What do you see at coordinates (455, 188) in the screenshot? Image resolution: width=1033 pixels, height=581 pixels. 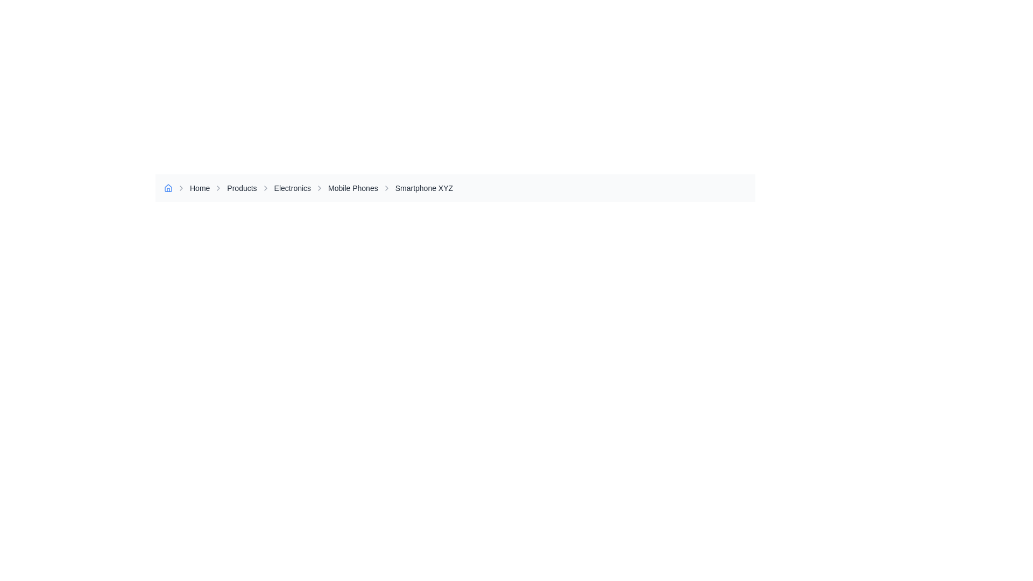 I see `the breadcrumb navigation element located at the upper central region of the interface` at bounding box center [455, 188].